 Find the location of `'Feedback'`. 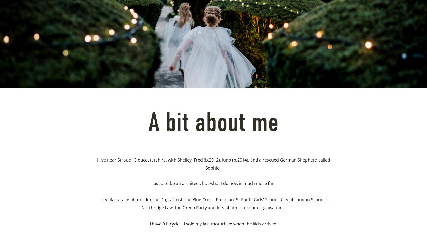

'Feedback' is located at coordinates (135, 76).